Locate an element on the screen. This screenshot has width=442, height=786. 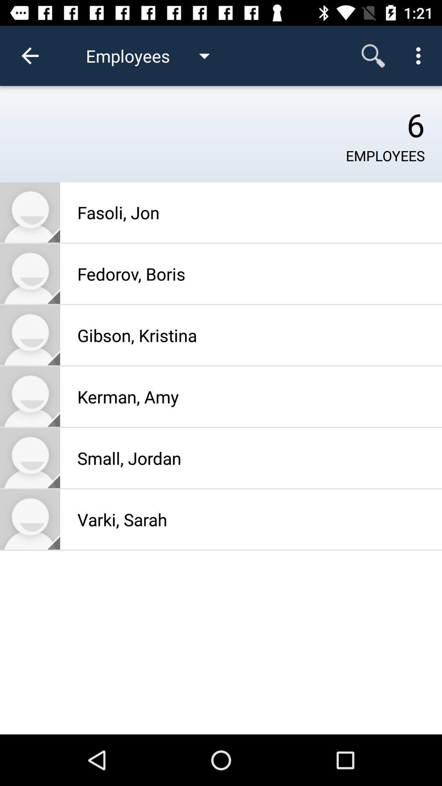
contact information is located at coordinates (29, 519).